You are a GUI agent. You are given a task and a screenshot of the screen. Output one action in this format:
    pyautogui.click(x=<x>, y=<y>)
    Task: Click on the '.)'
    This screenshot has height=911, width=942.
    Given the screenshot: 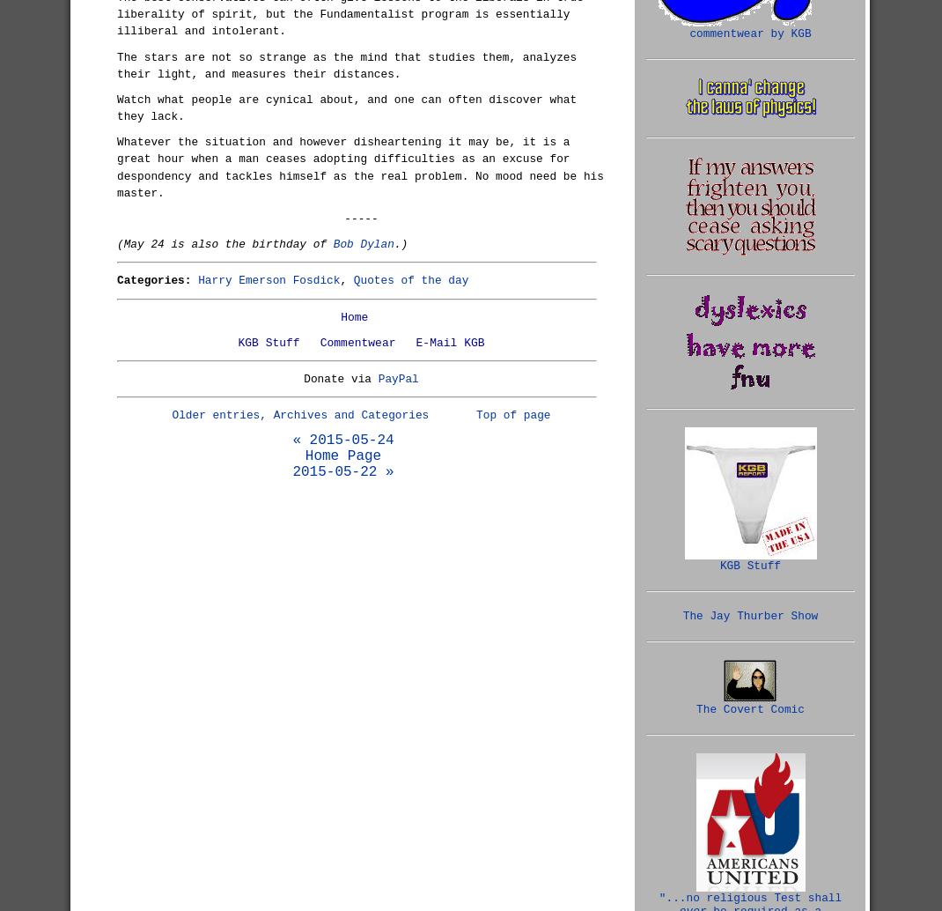 What is the action you would take?
    pyautogui.click(x=394, y=243)
    